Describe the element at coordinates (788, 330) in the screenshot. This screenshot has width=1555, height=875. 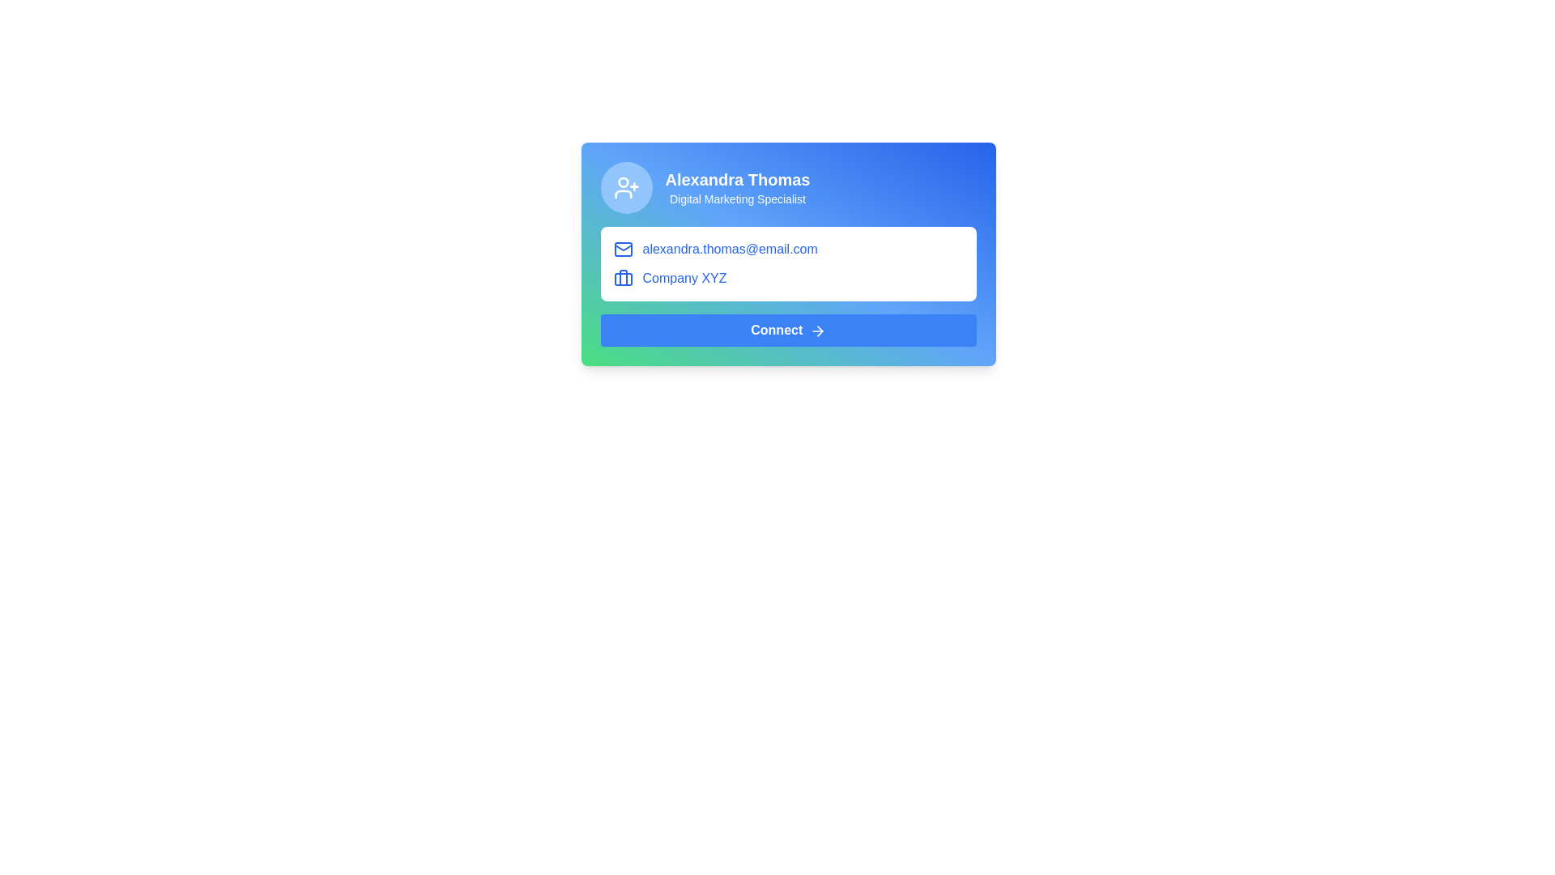
I see `the blue rectangular button labeled 'Connect' with an arrow icon at the bottom of the card to initiate connection` at that location.